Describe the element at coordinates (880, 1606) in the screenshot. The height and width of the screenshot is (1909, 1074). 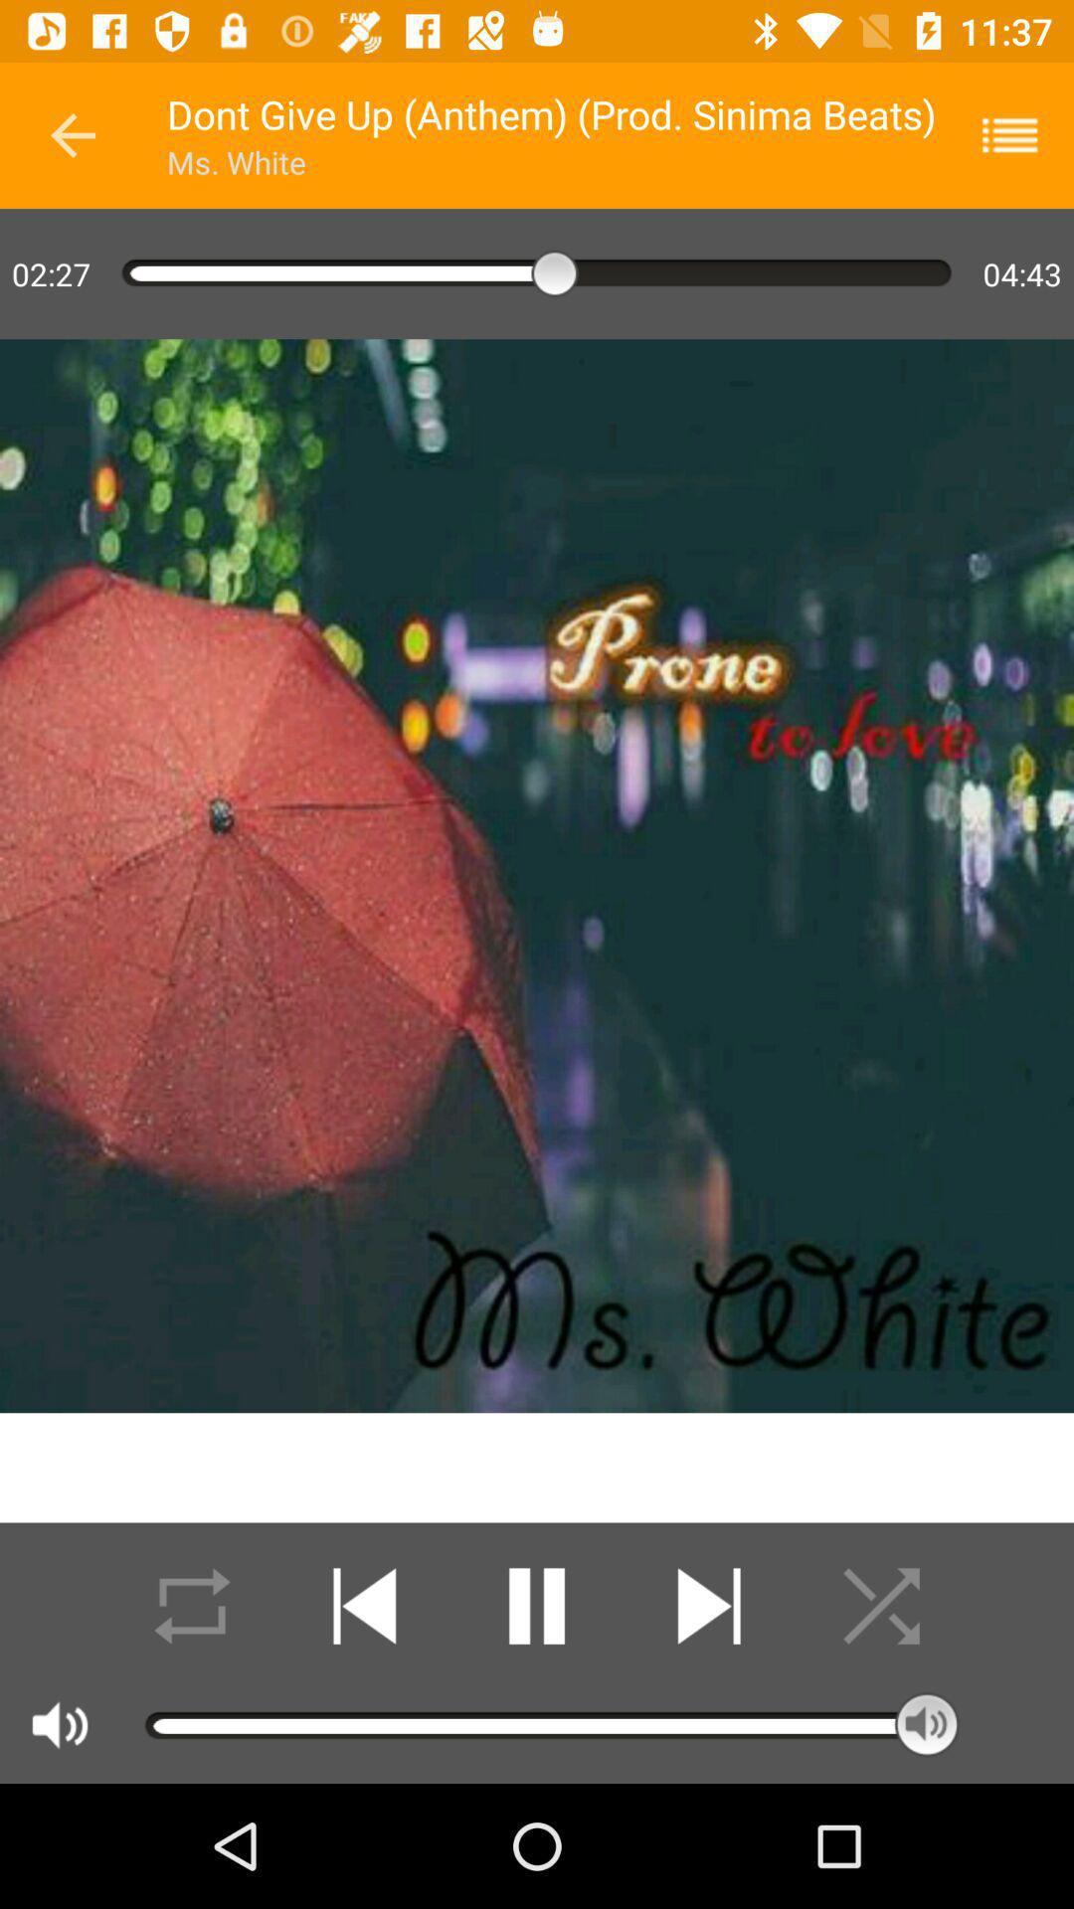
I see `the close icon` at that location.